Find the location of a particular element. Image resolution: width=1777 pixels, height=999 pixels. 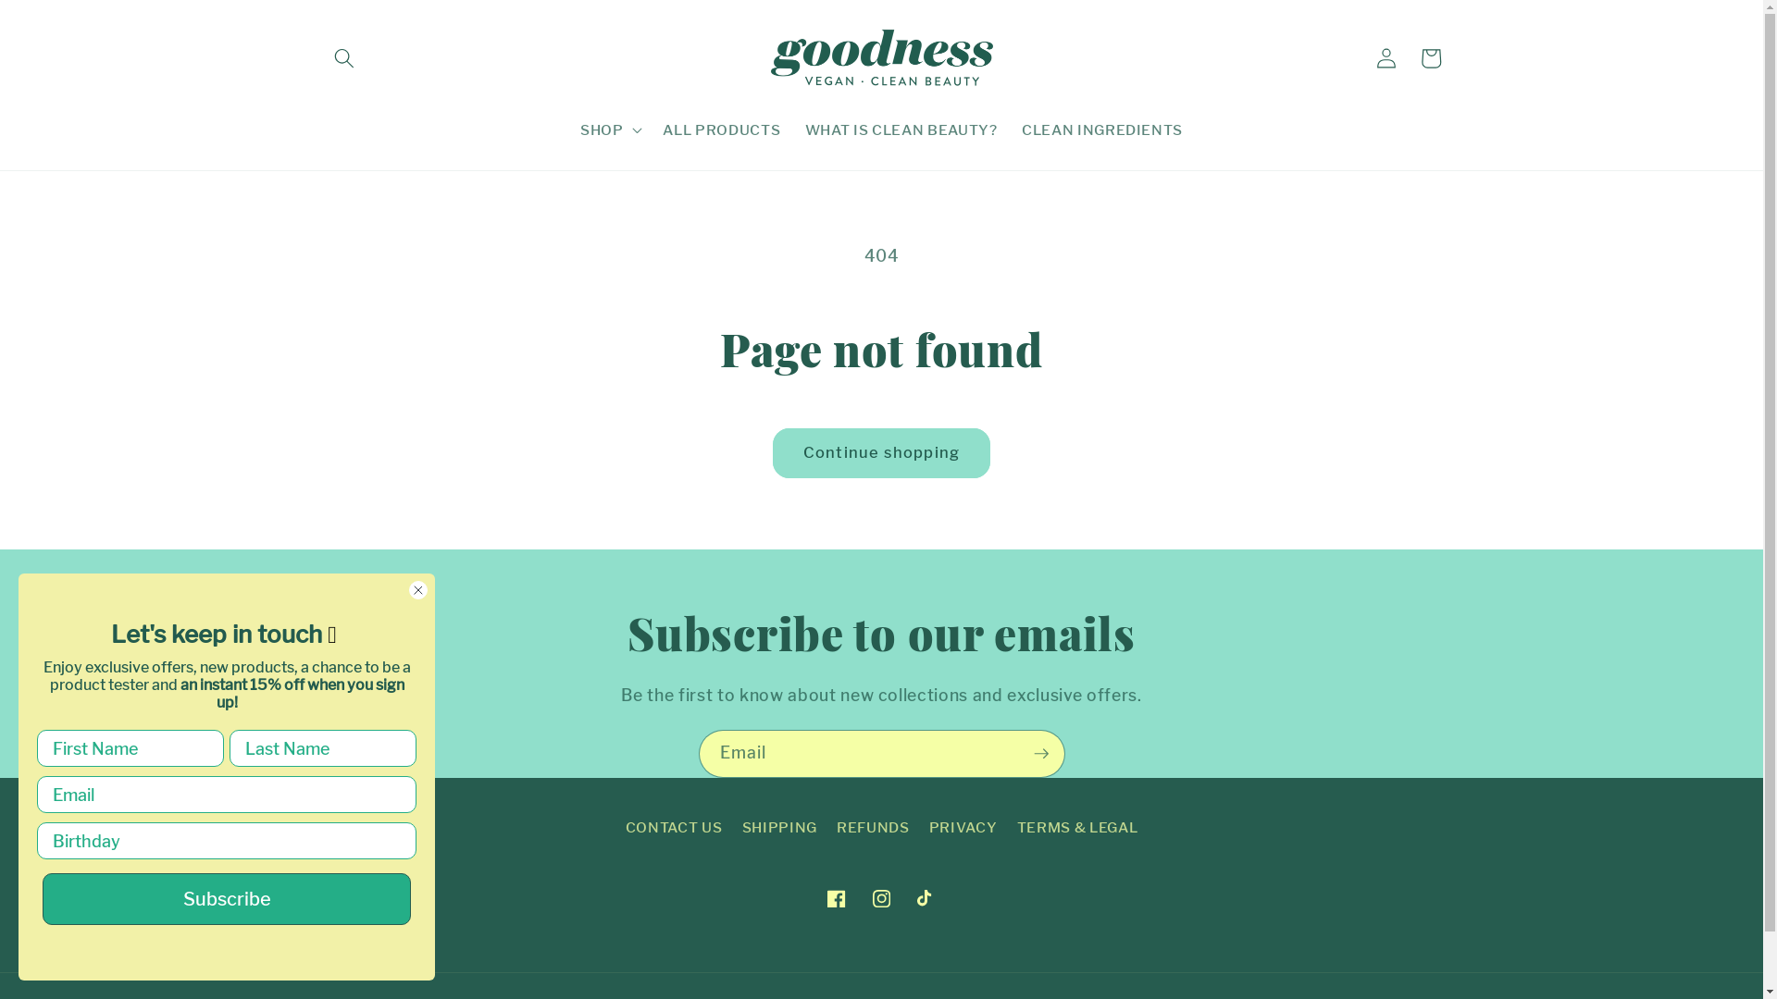

'PRIVACY' is located at coordinates (963, 827).